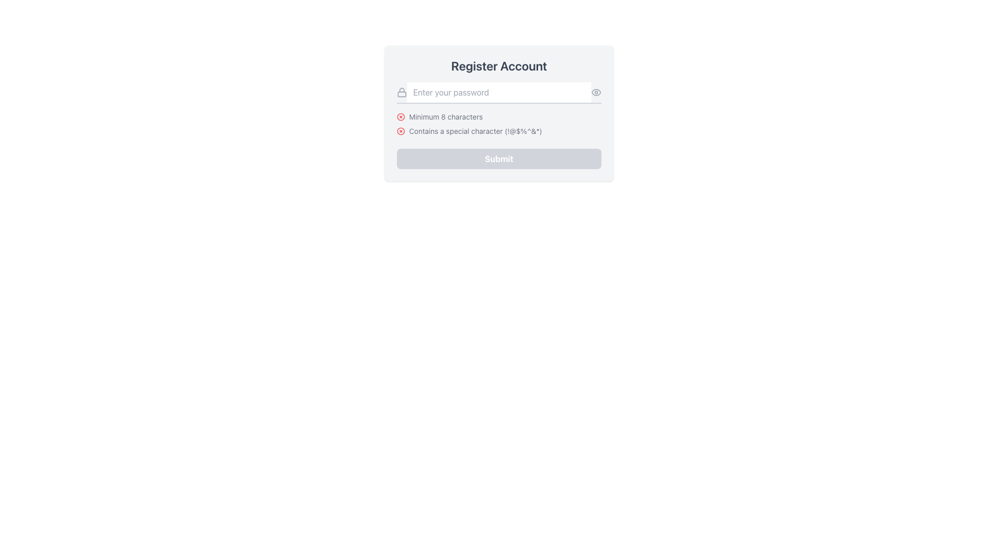  What do you see at coordinates (499, 116) in the screenshot?
I see `the error message element that displays 'Minimum 8 characters' with a red error icon, located below the password input field` at bounding box center [499, 116].